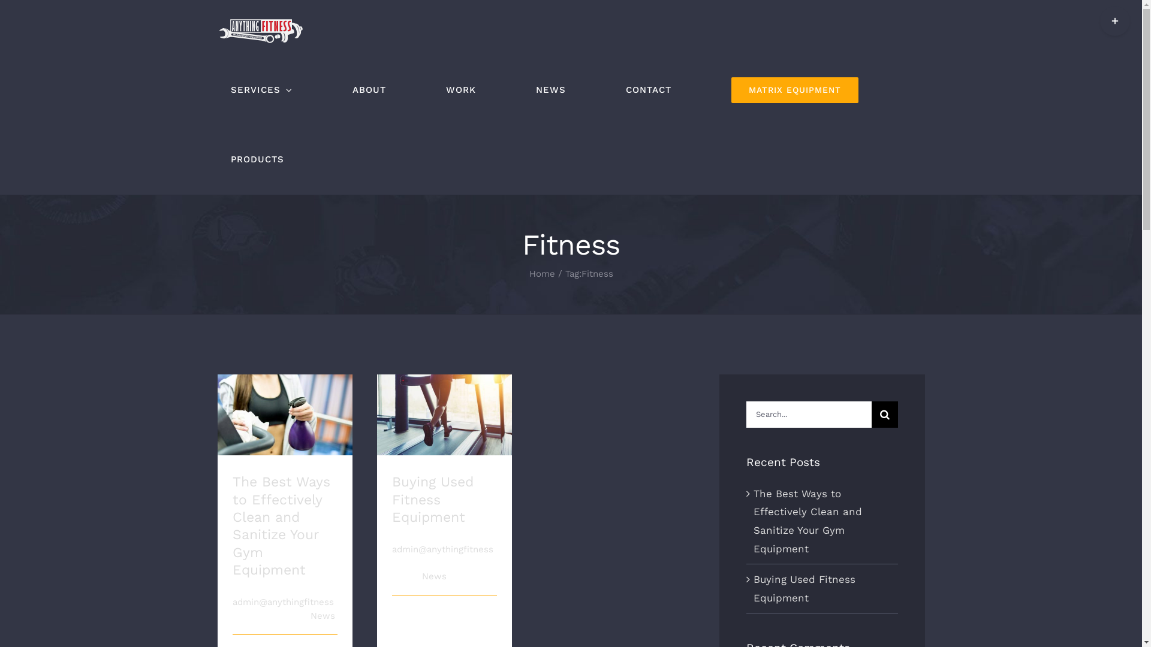 The image size is (1151, 647). Describe the element at coordinates (1099, 20) in the screenshot. I see `'Toggle Sliding Bar Area'` at that location.